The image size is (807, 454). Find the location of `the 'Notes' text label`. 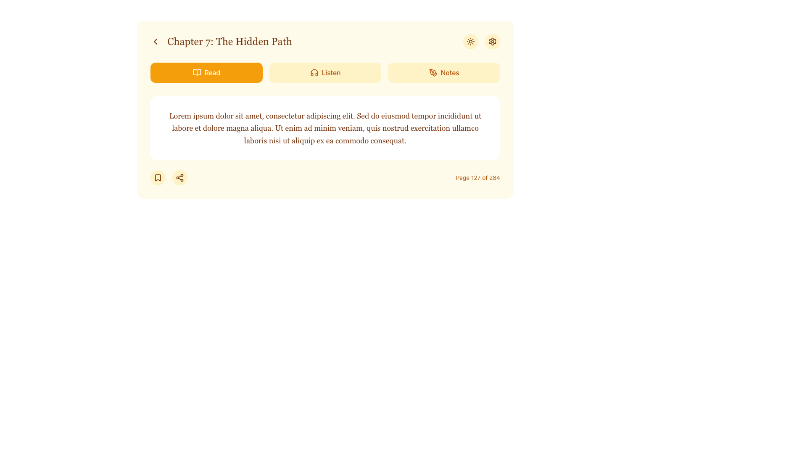

the 'Notes' text label is located at coordinates (449, 72).